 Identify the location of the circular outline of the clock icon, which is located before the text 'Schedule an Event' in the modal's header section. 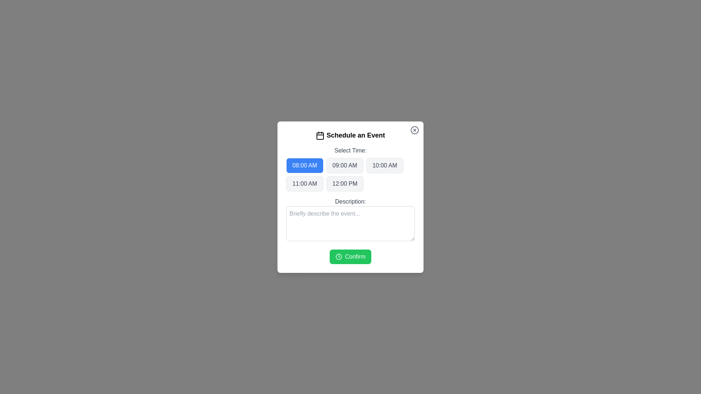
(338, 256).